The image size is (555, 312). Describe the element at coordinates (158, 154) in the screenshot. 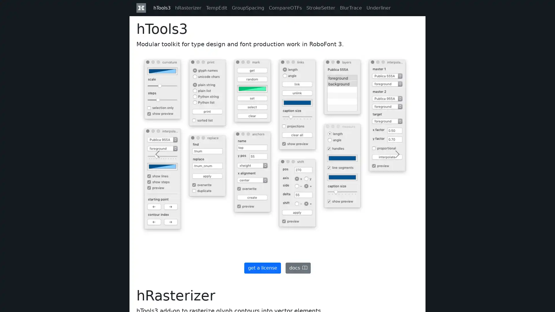

I see `Previous` at that location.